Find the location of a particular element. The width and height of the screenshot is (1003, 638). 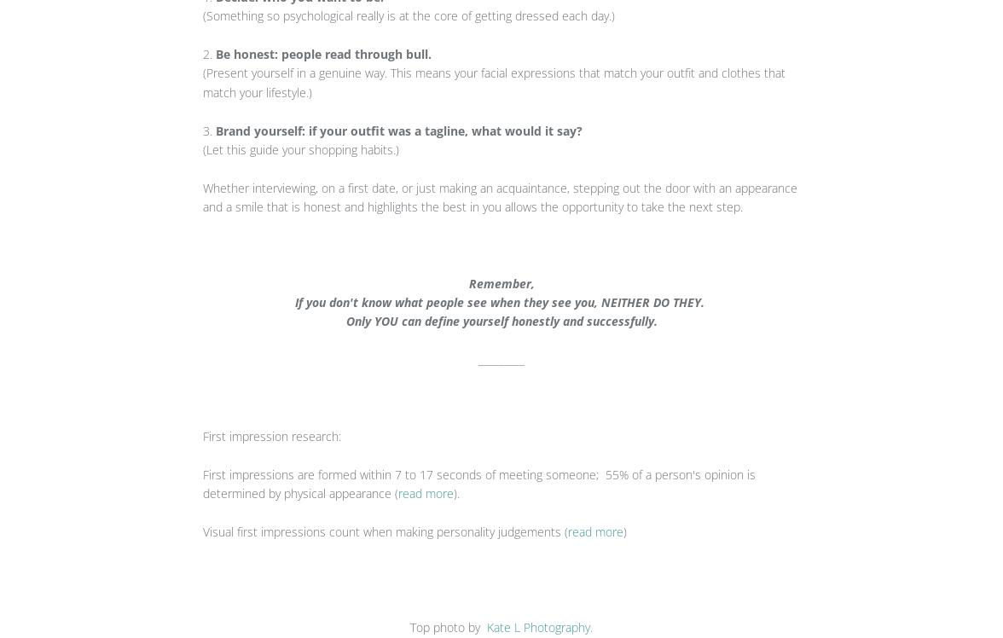

'Visual first impressions count when making personality judgements (' is located at coordinates (386, 530).